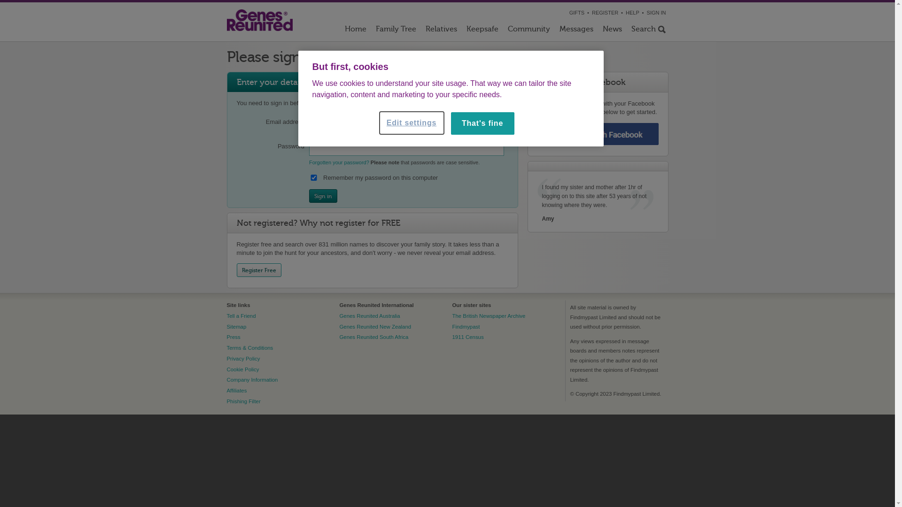  I want to click on 'HELP', so click(632, 13).